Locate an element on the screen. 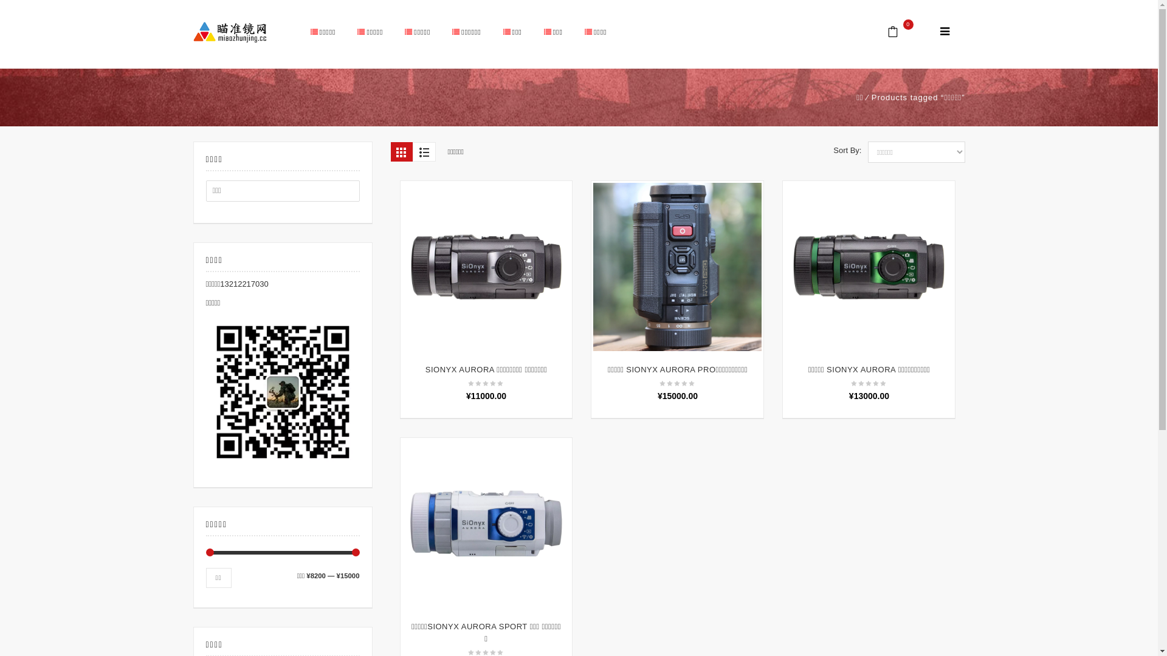  'List' is located at coordinates (423, 151).